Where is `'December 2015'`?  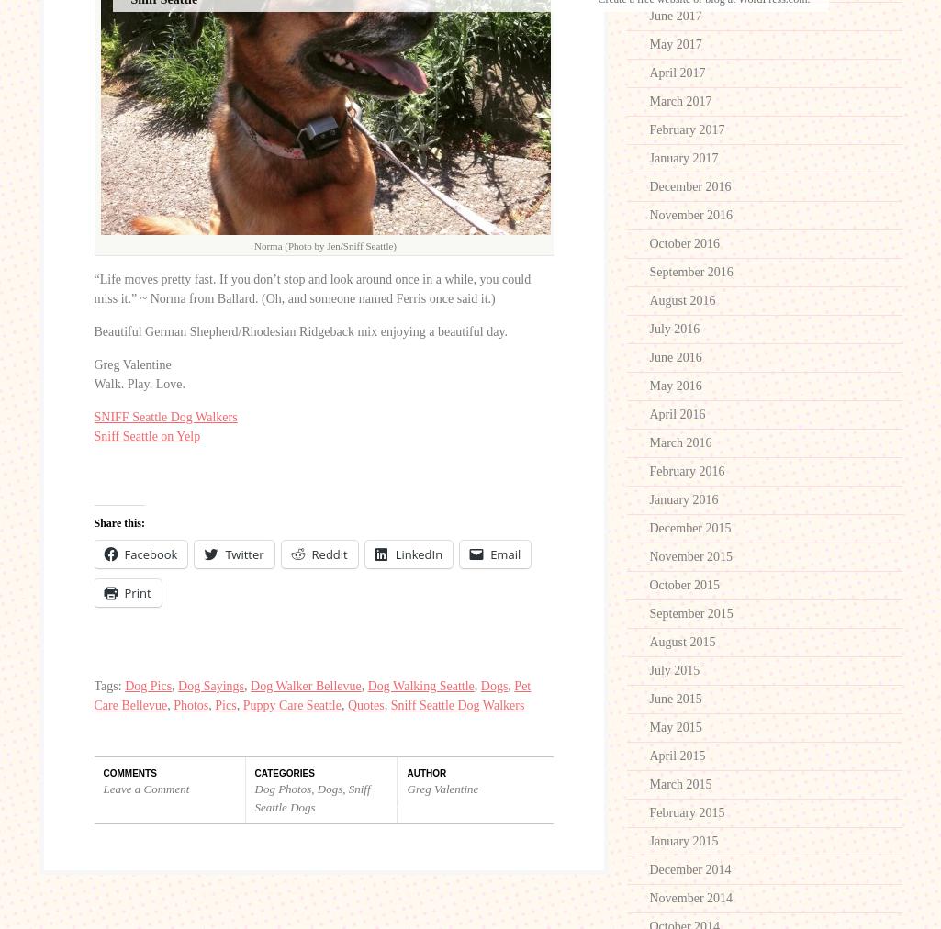 'December 2015' is located at coordinates (689, 527).